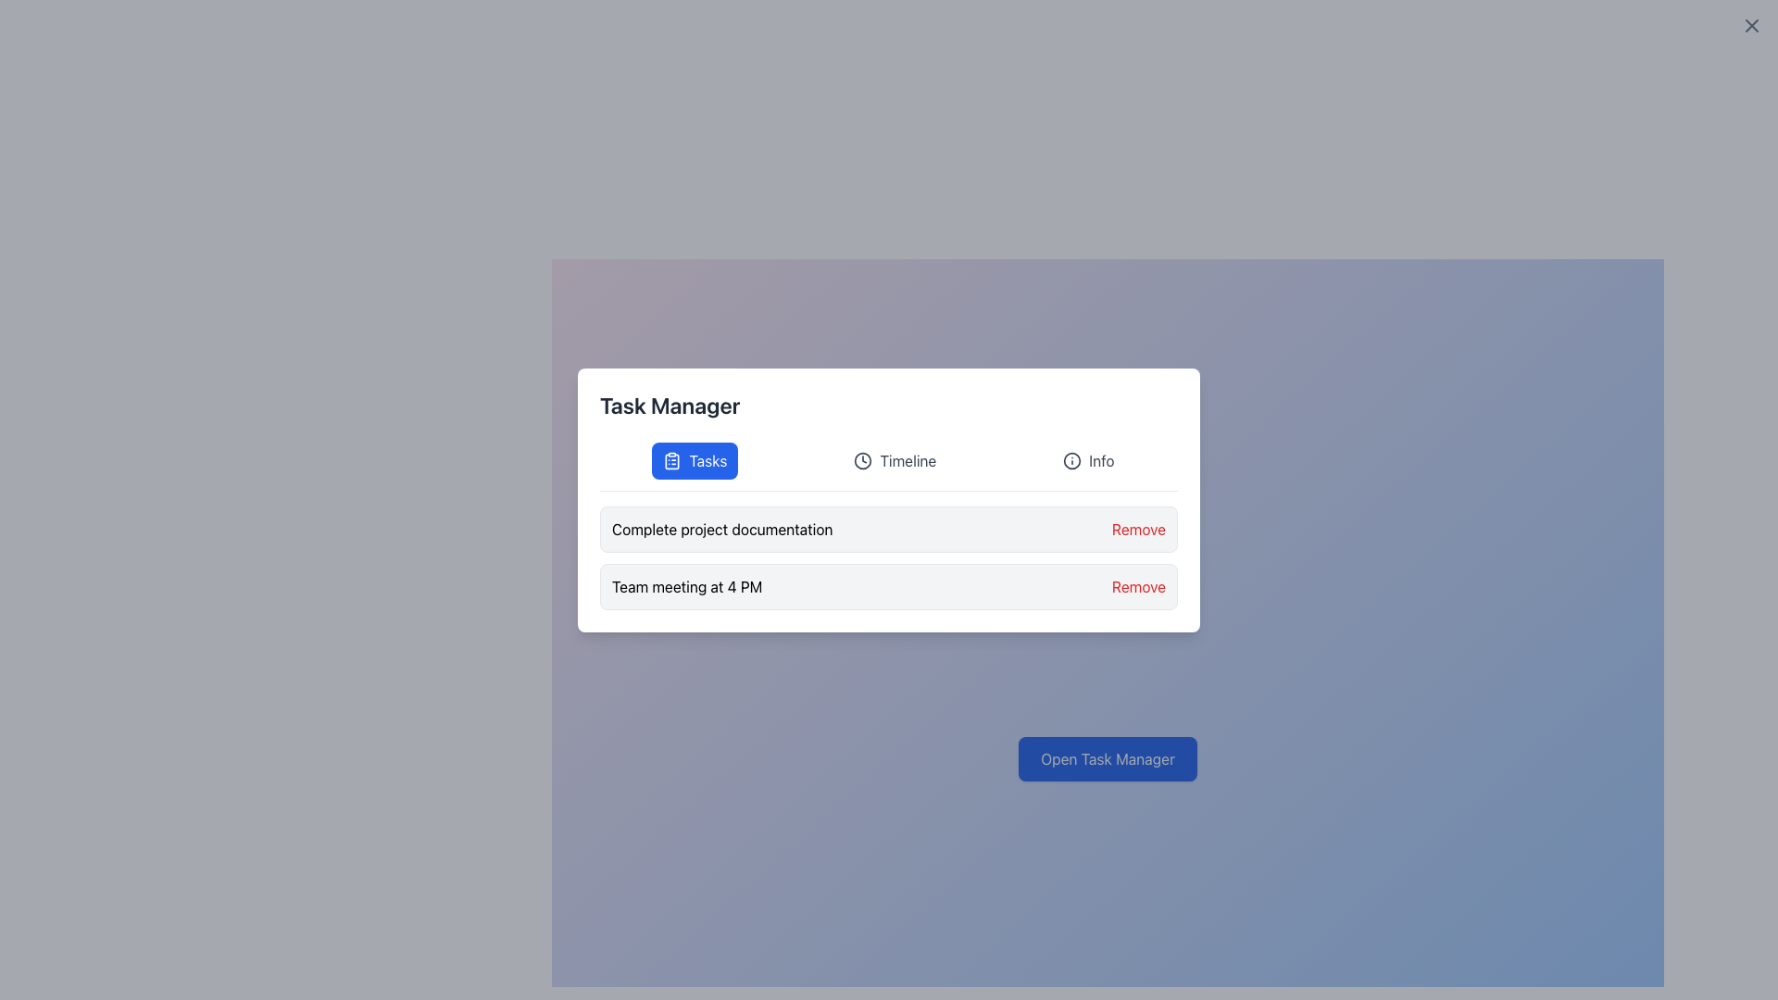  I want to click on the inner component of the 'X' icon located in the top-right corner of the user interface, so click(1750, 25).